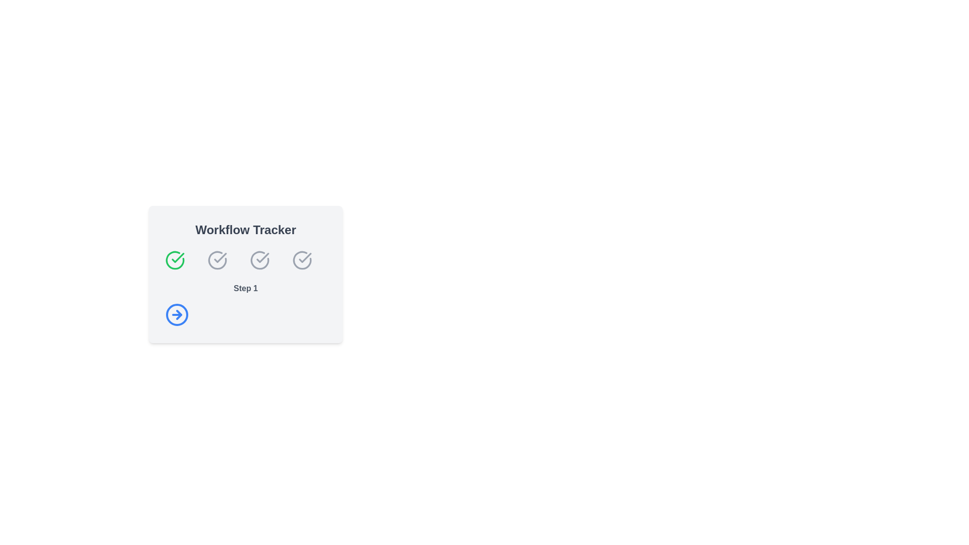  Describe the element at coordinates (177, 314) in the screenshot. I see `the outer circle of the rightward arrow icon within the 'Workflow Tracker' card, which serves a decorative purpose` at that location.